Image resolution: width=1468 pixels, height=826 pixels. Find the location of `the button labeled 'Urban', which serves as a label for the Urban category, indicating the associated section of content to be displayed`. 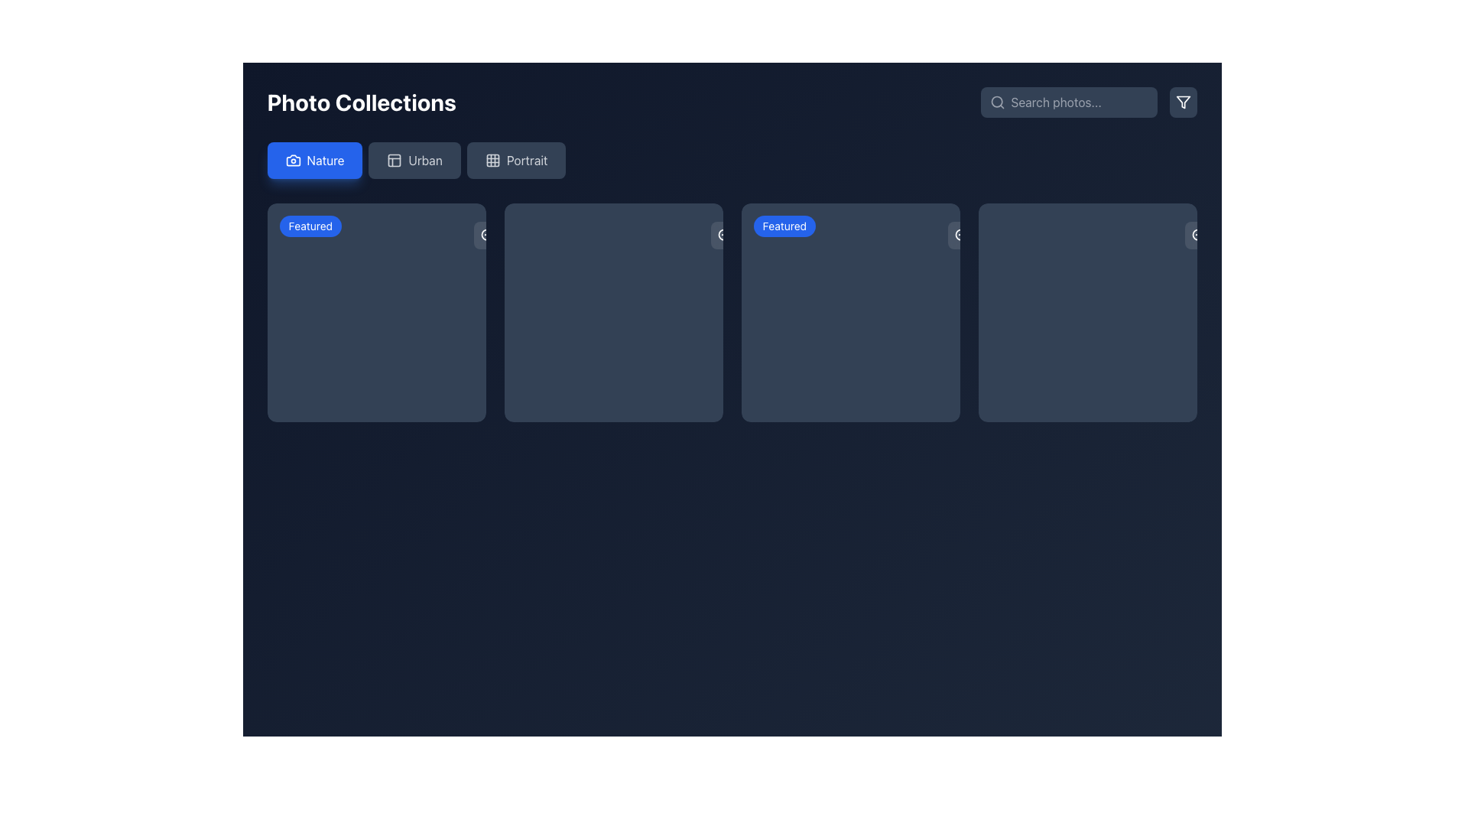

the button labeled 'Urban', which serves as a label for the Urban category, indicating the associated section of content to be displayed is located at coordinates (425, 160).